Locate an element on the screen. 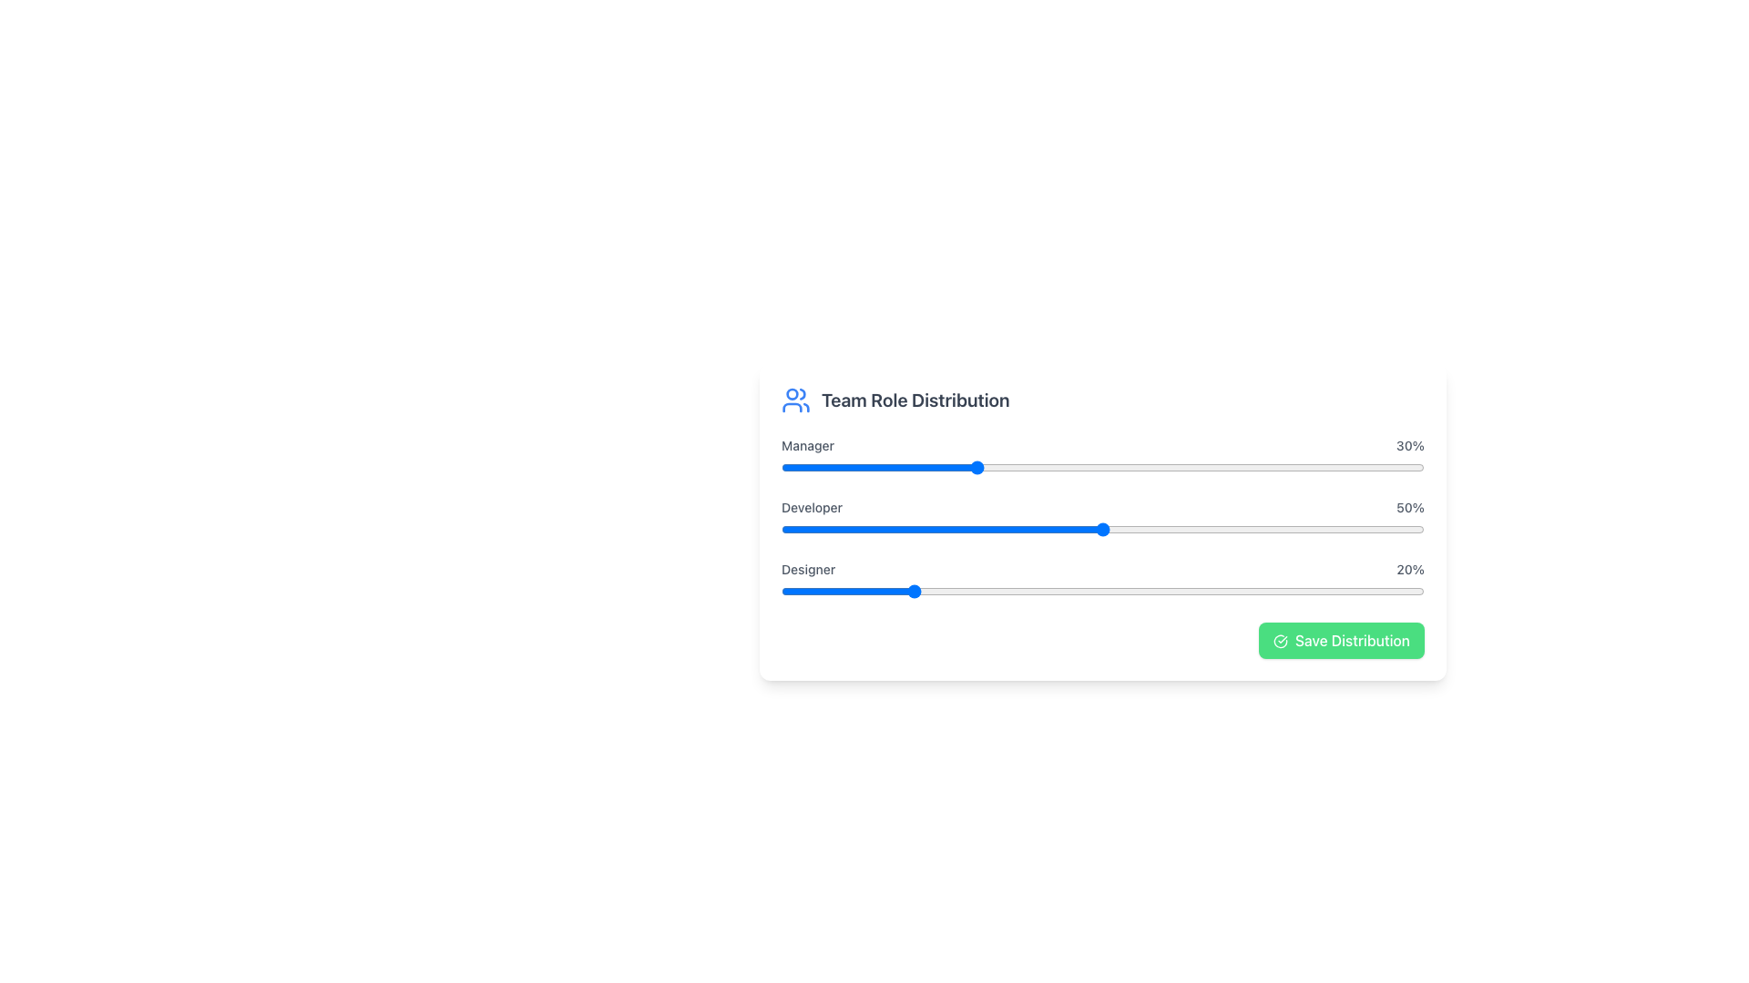 The height and width of the screenshot is (983, 1749). the horizontal slider component styled with a blue fill and gray background, located below the 'Manager' label and above the '30%' indicator is located at coordinates (1101, 466).